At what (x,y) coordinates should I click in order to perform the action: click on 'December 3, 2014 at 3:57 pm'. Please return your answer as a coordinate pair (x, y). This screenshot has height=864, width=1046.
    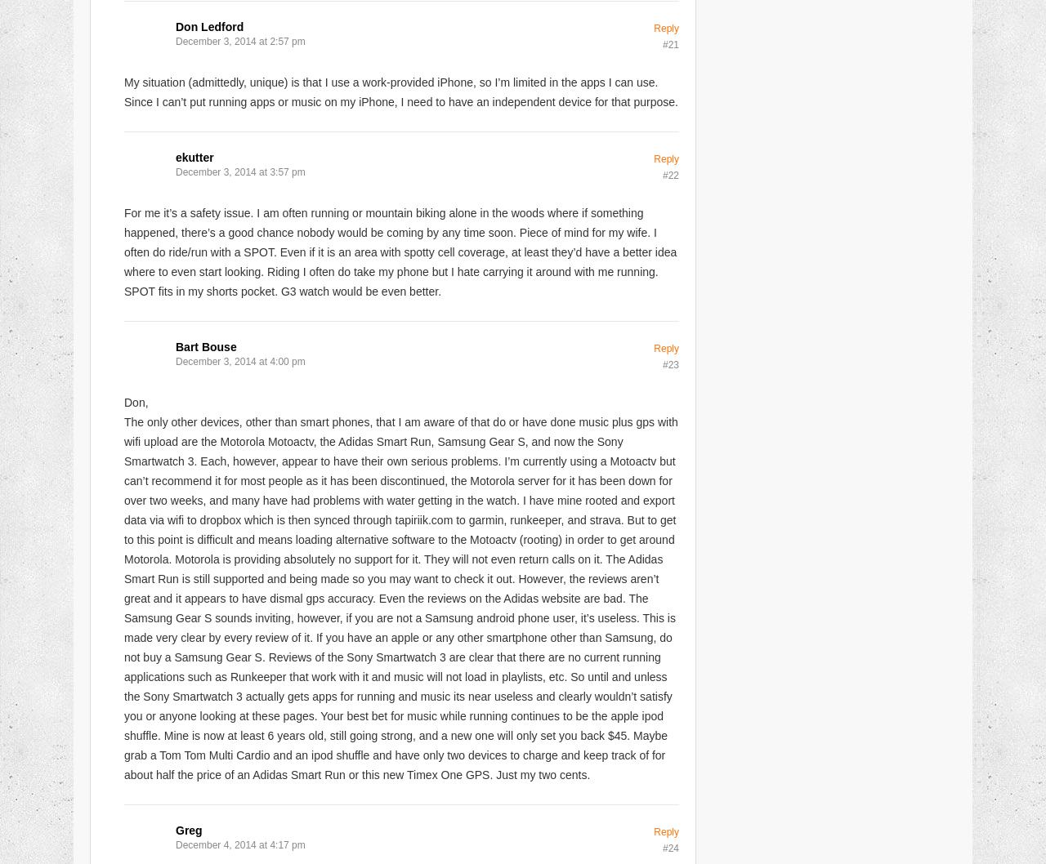
    Looking at the image, I should click on (239, 171).